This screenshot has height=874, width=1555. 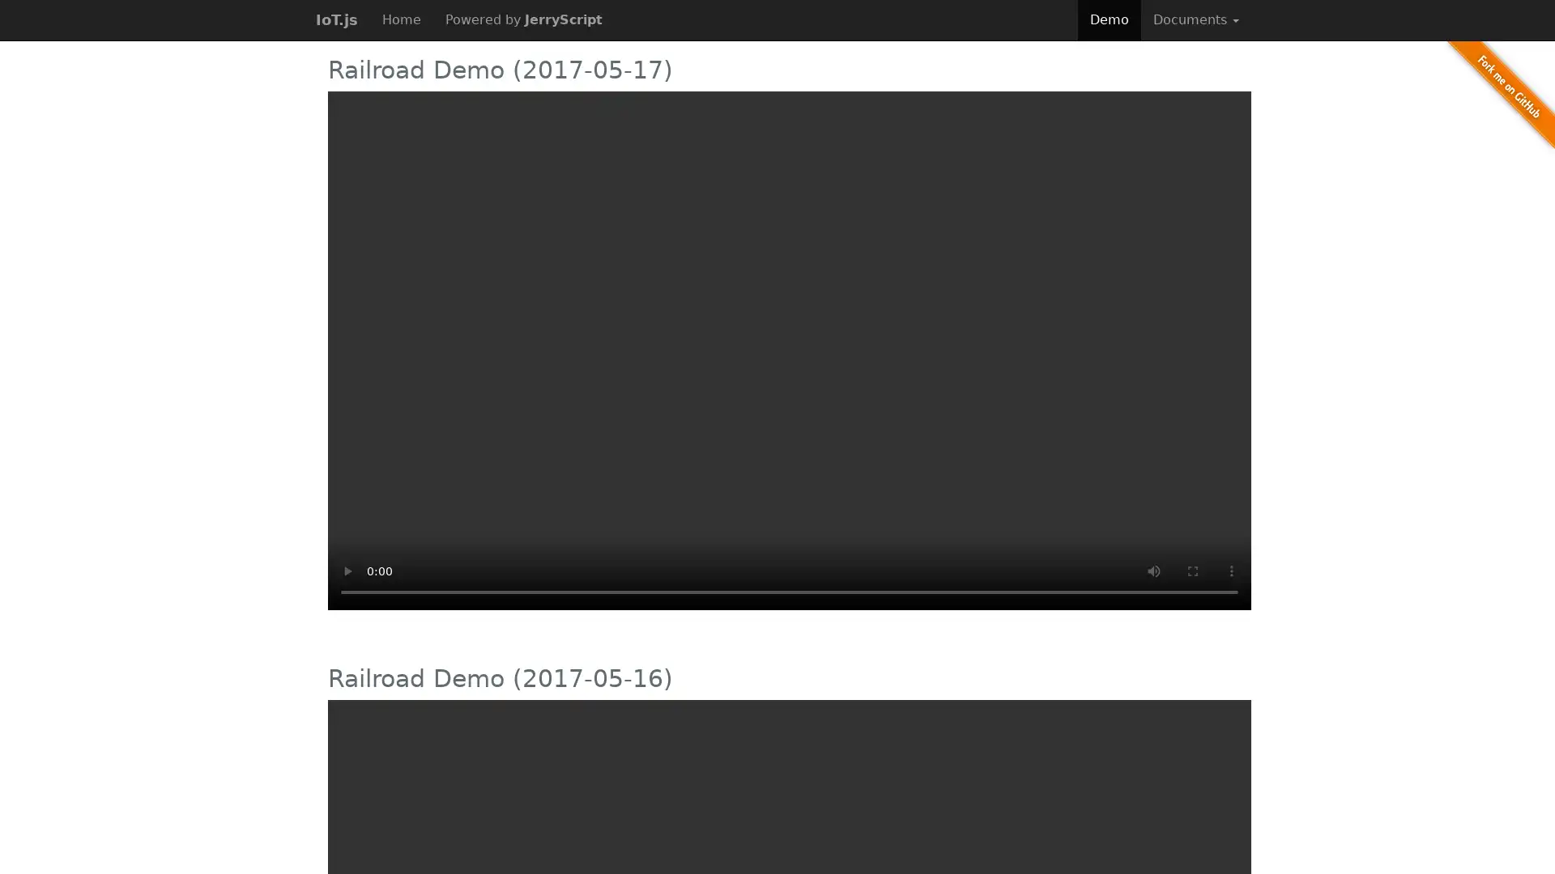 What do you see at coordinates (346, 570) in the screenshot?
I see `play` at bounding box center [346, 570].